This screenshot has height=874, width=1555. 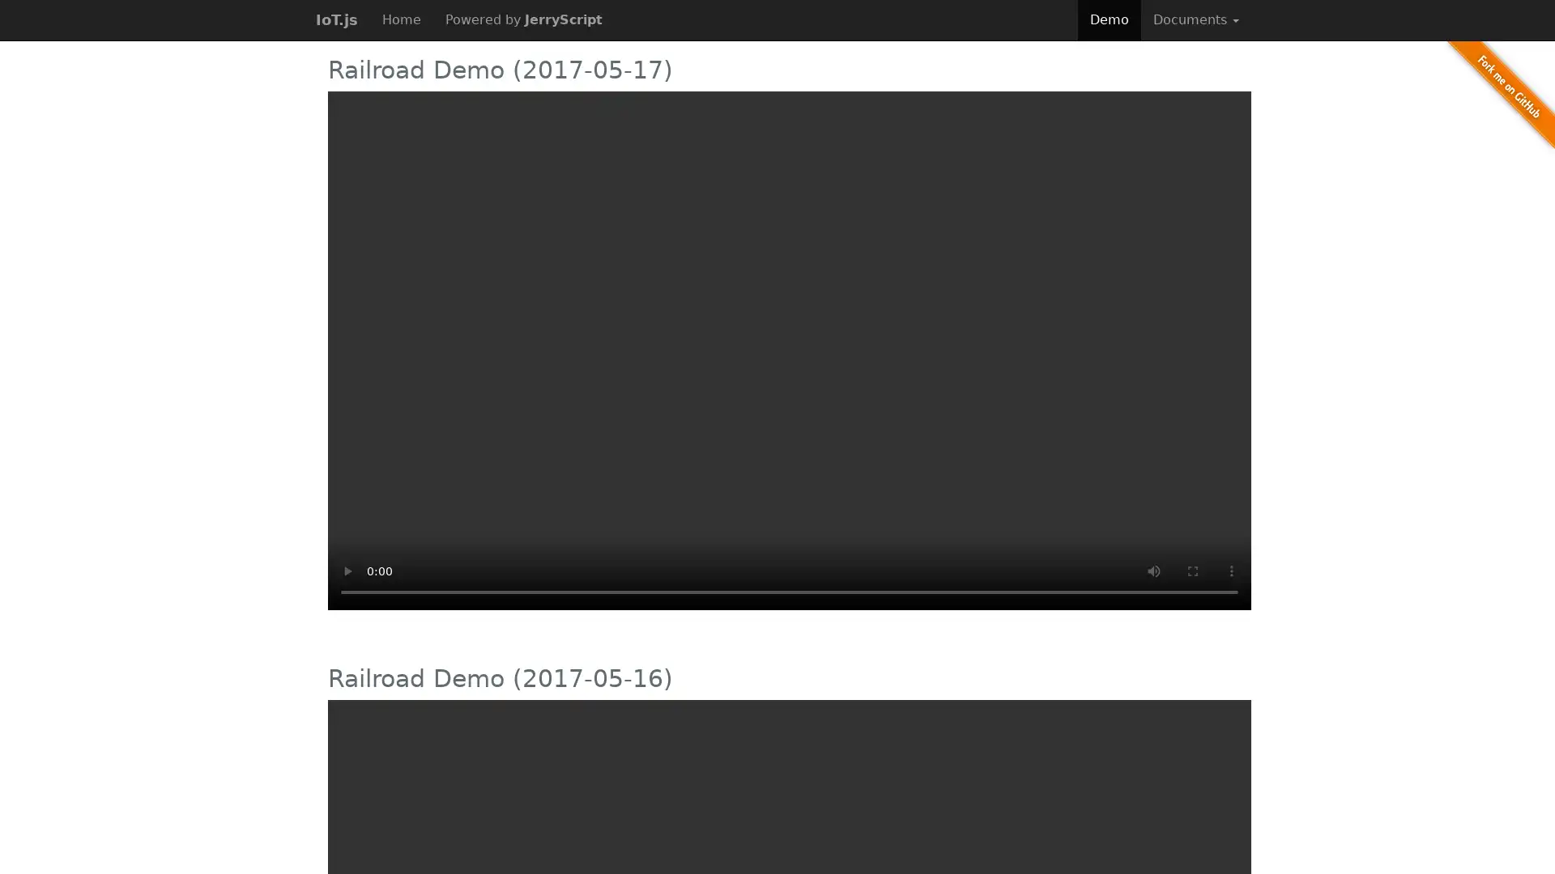 What do you see at coordinates (346, 570) in the screenshot?
I see `play` at bounding box center [346, 570].